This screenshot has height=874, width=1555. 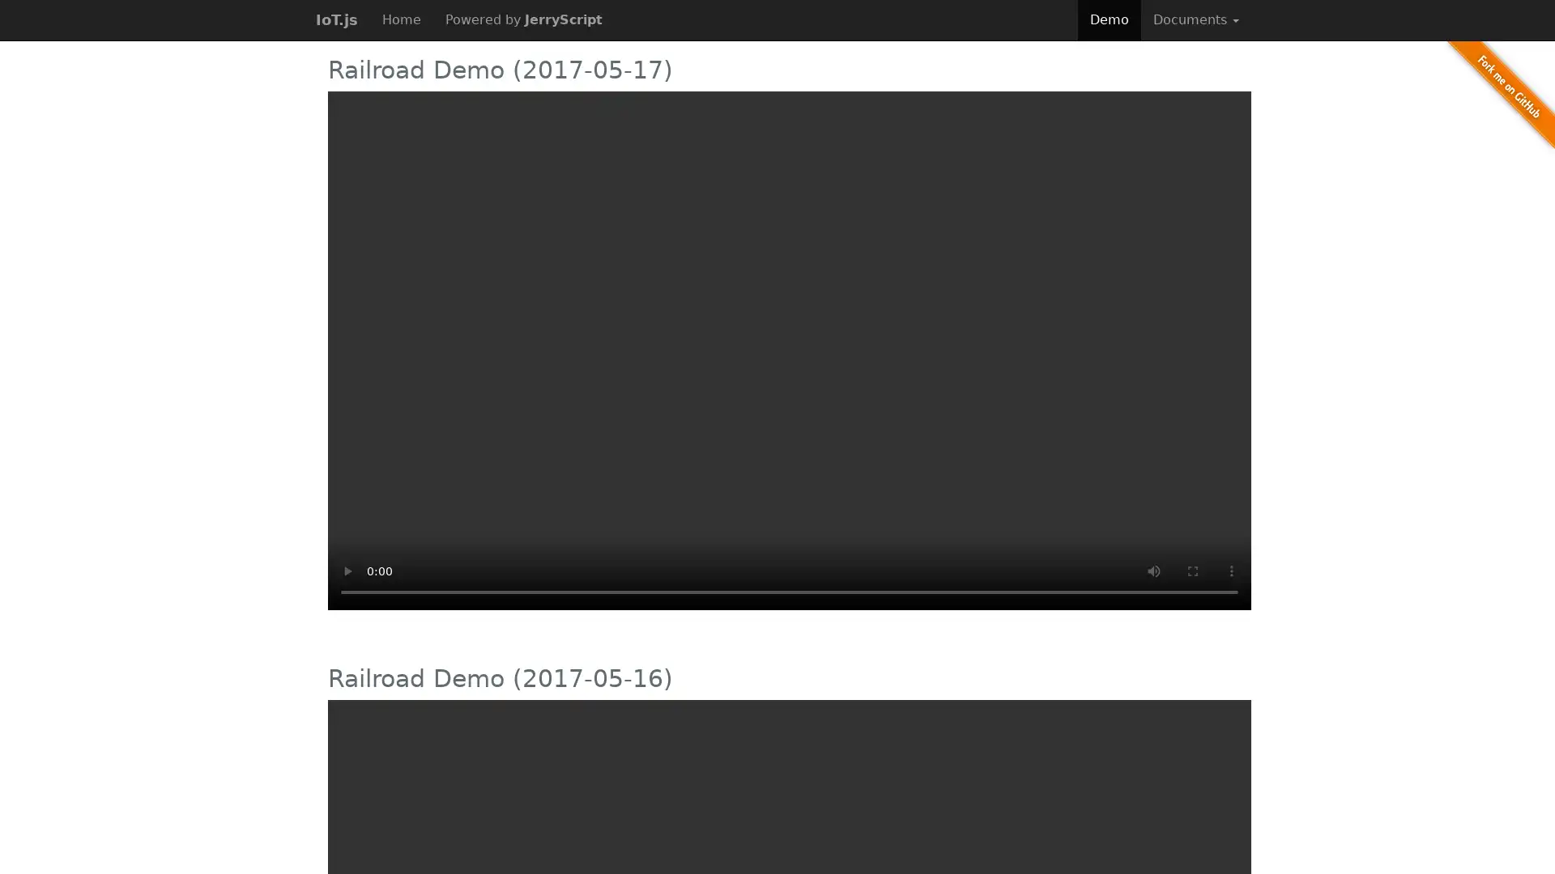 What do you see at coordinates (346, 570) in the screenshot?
I see `play` at bounding box center [346, 570].